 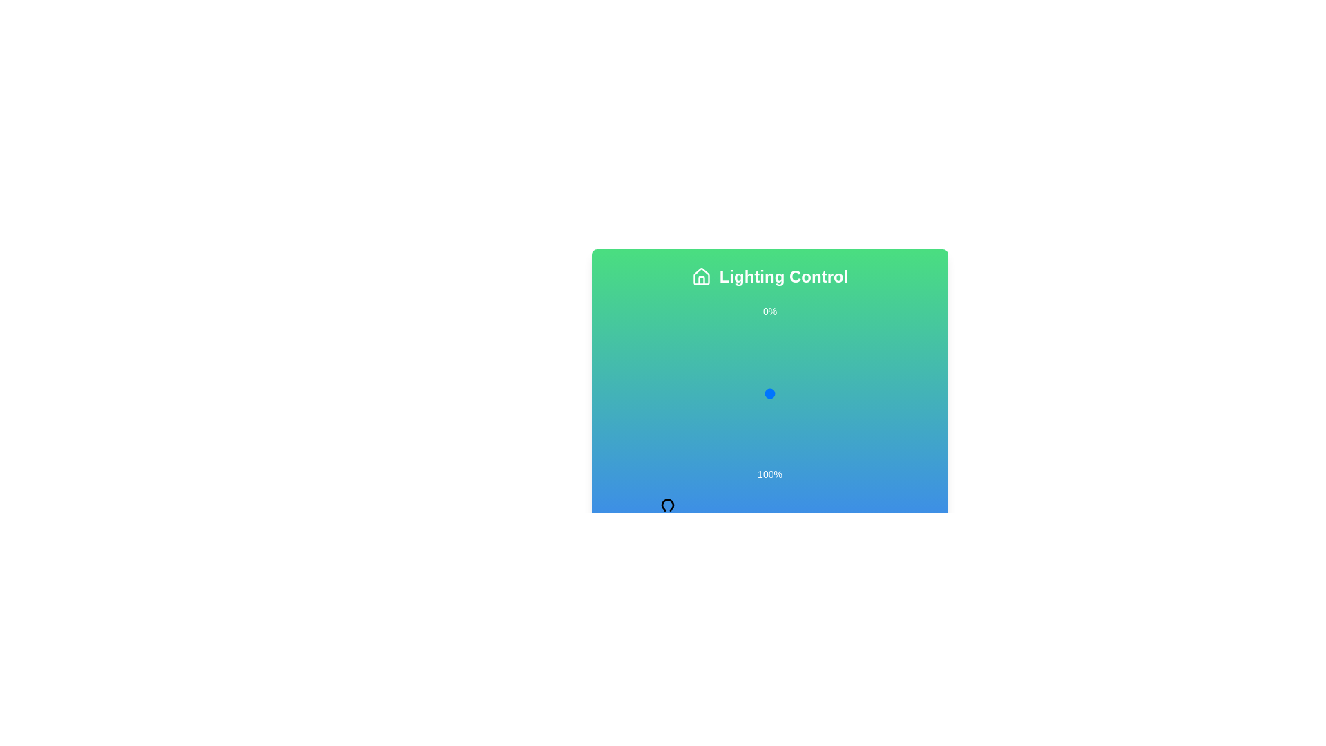 What do you see at coordinates (706, 393) in the screenshot?
I see `the lighting level percentage` at bounding box center [706, 393].